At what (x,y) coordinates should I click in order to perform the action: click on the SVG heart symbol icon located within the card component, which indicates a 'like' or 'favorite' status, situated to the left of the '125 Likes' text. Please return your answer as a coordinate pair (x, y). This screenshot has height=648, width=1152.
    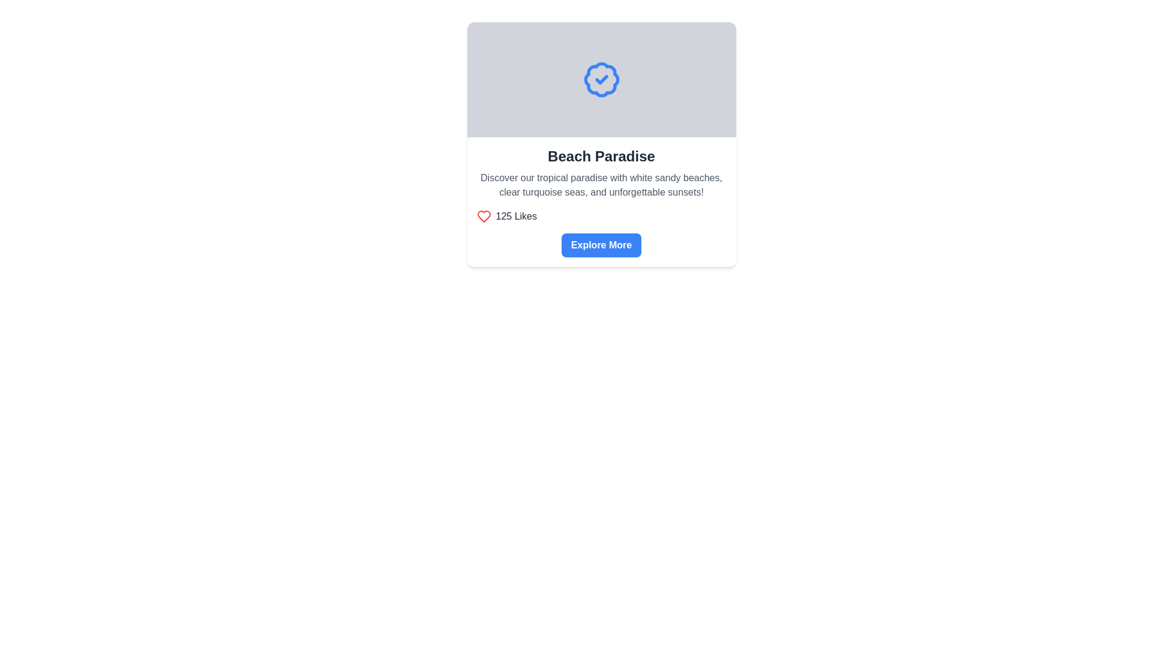
    Looking at the image, I should click on (484, 217).